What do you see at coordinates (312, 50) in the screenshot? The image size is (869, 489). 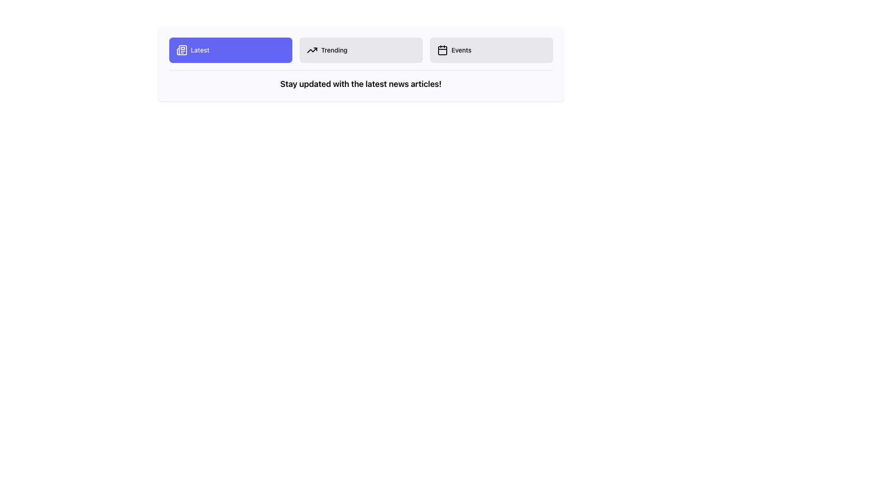 I see `the Polyline element representing the trending upwards icon in the SVG component, located near the 'Trending' label` at bounding box center [312, 50].